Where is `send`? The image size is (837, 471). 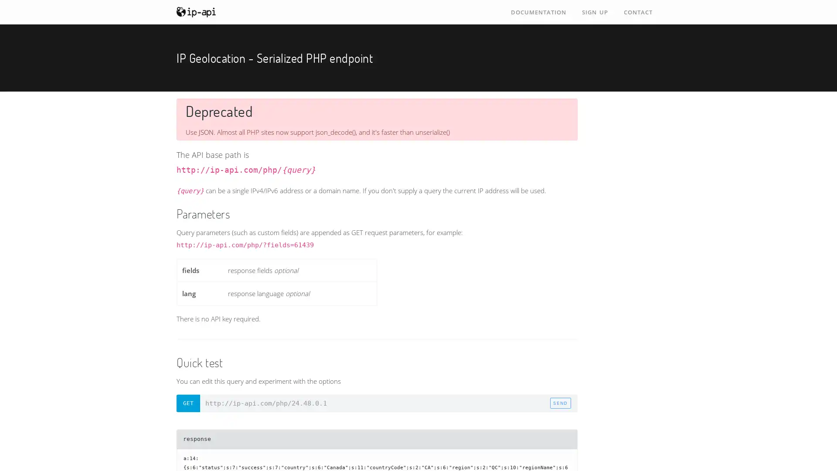
send is located at coordinates (560, 403).